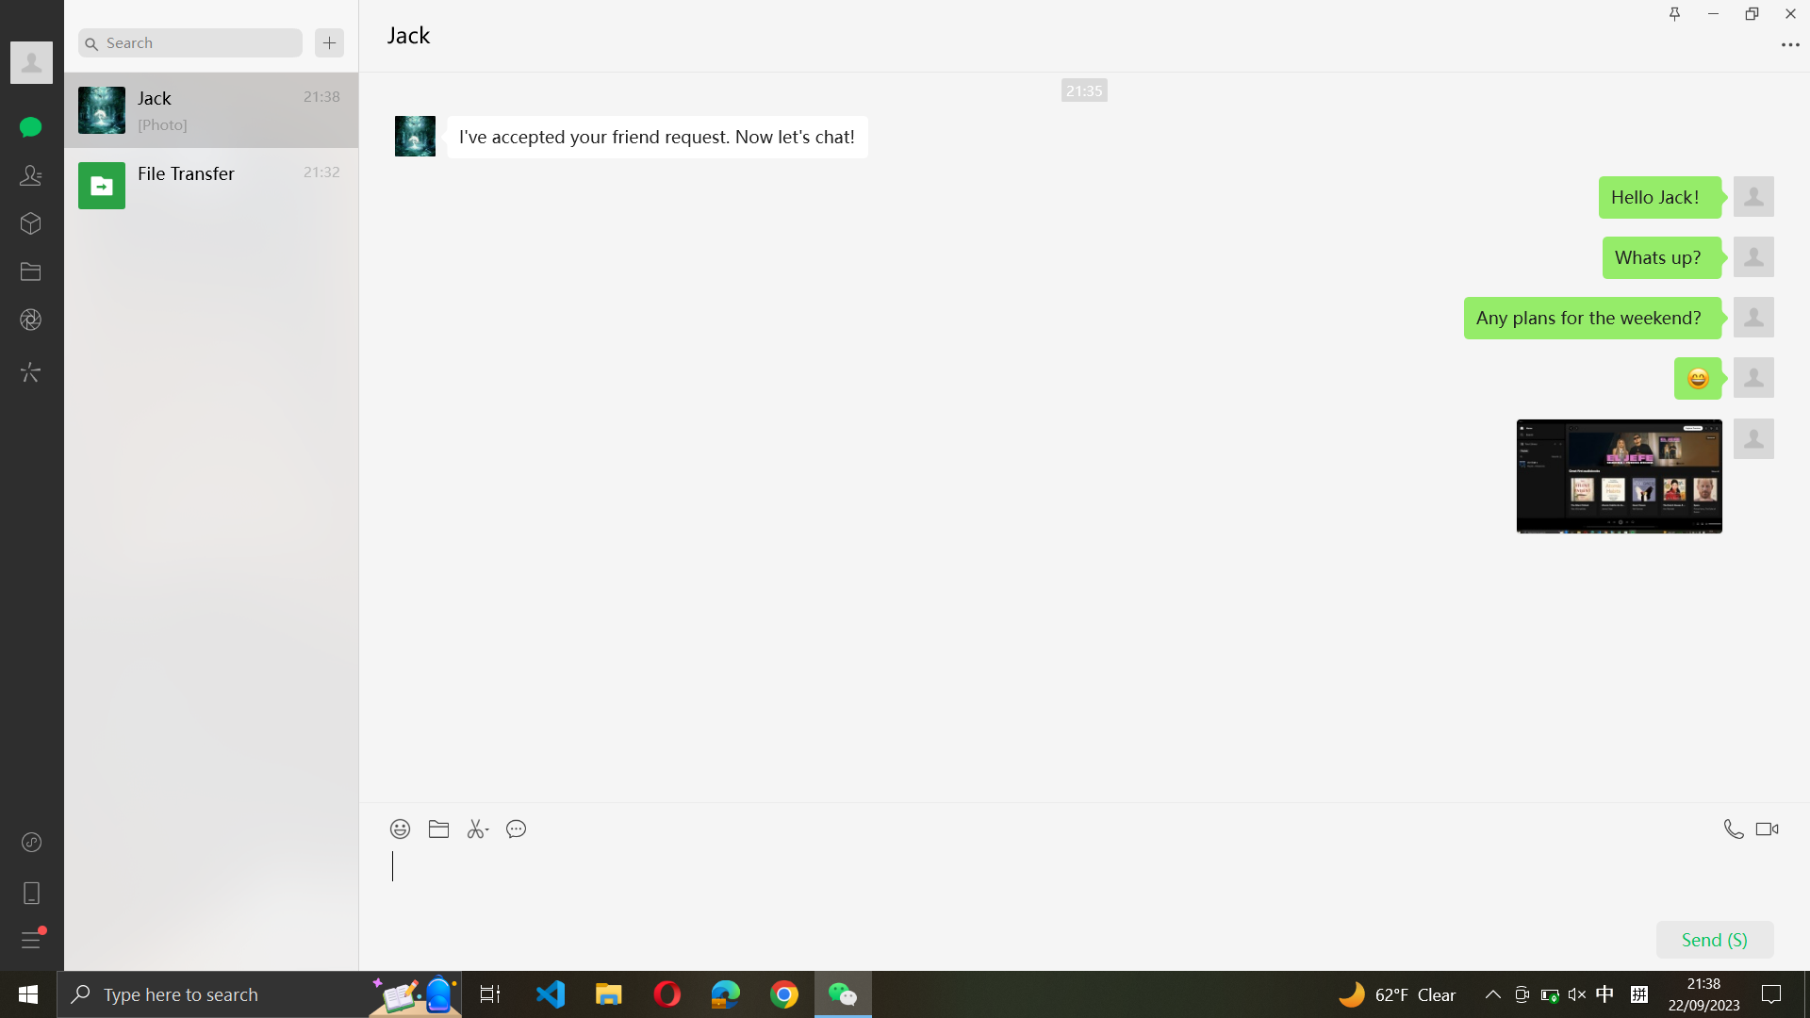 Image resolution: width=1810 pixels, height=1018 pixels. Describe the element at coordinates (480, 823) in the screenshot. I see `the option to send a screenshot to Jack` at that location.